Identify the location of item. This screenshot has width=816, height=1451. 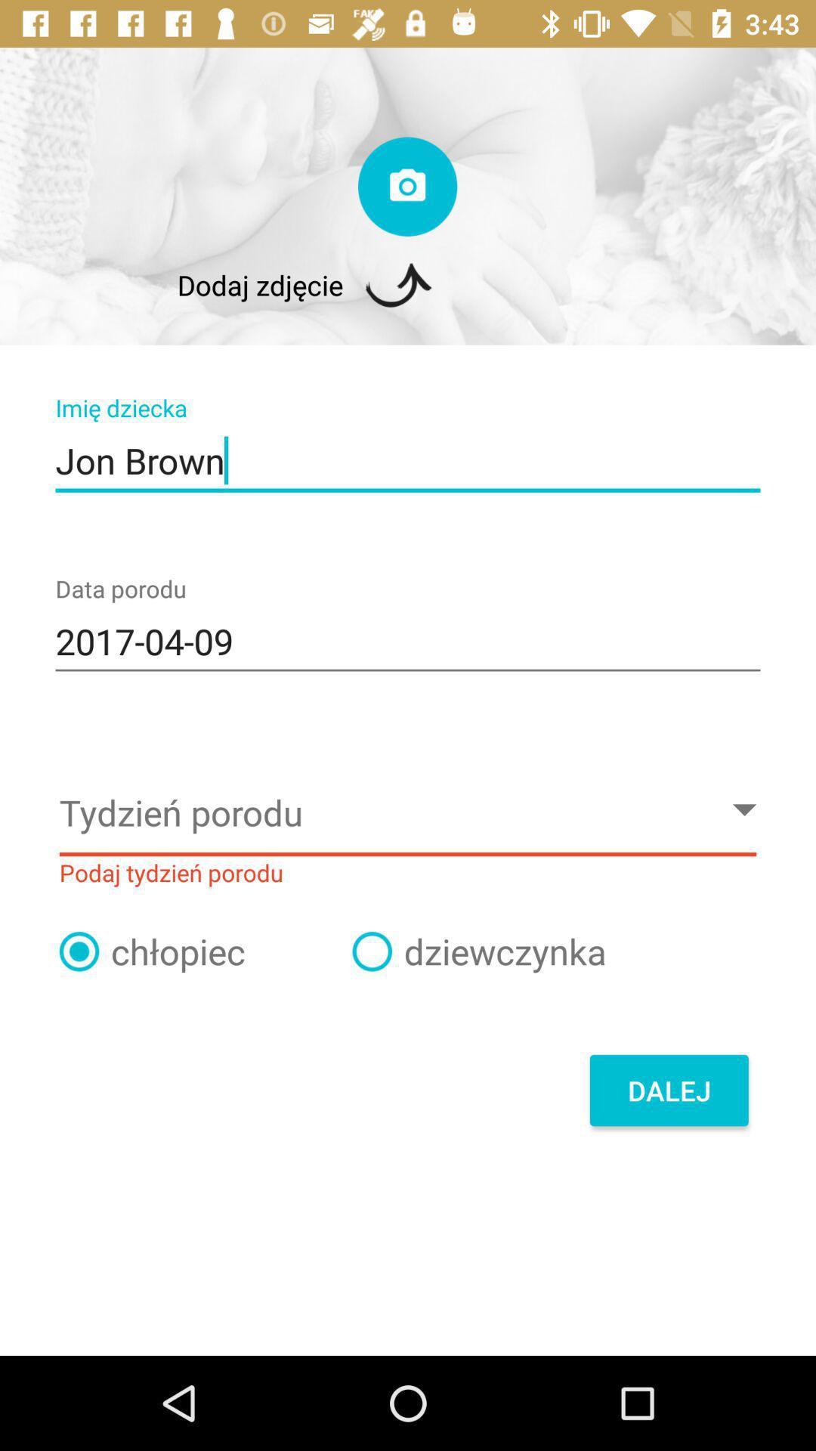
(372, 951).